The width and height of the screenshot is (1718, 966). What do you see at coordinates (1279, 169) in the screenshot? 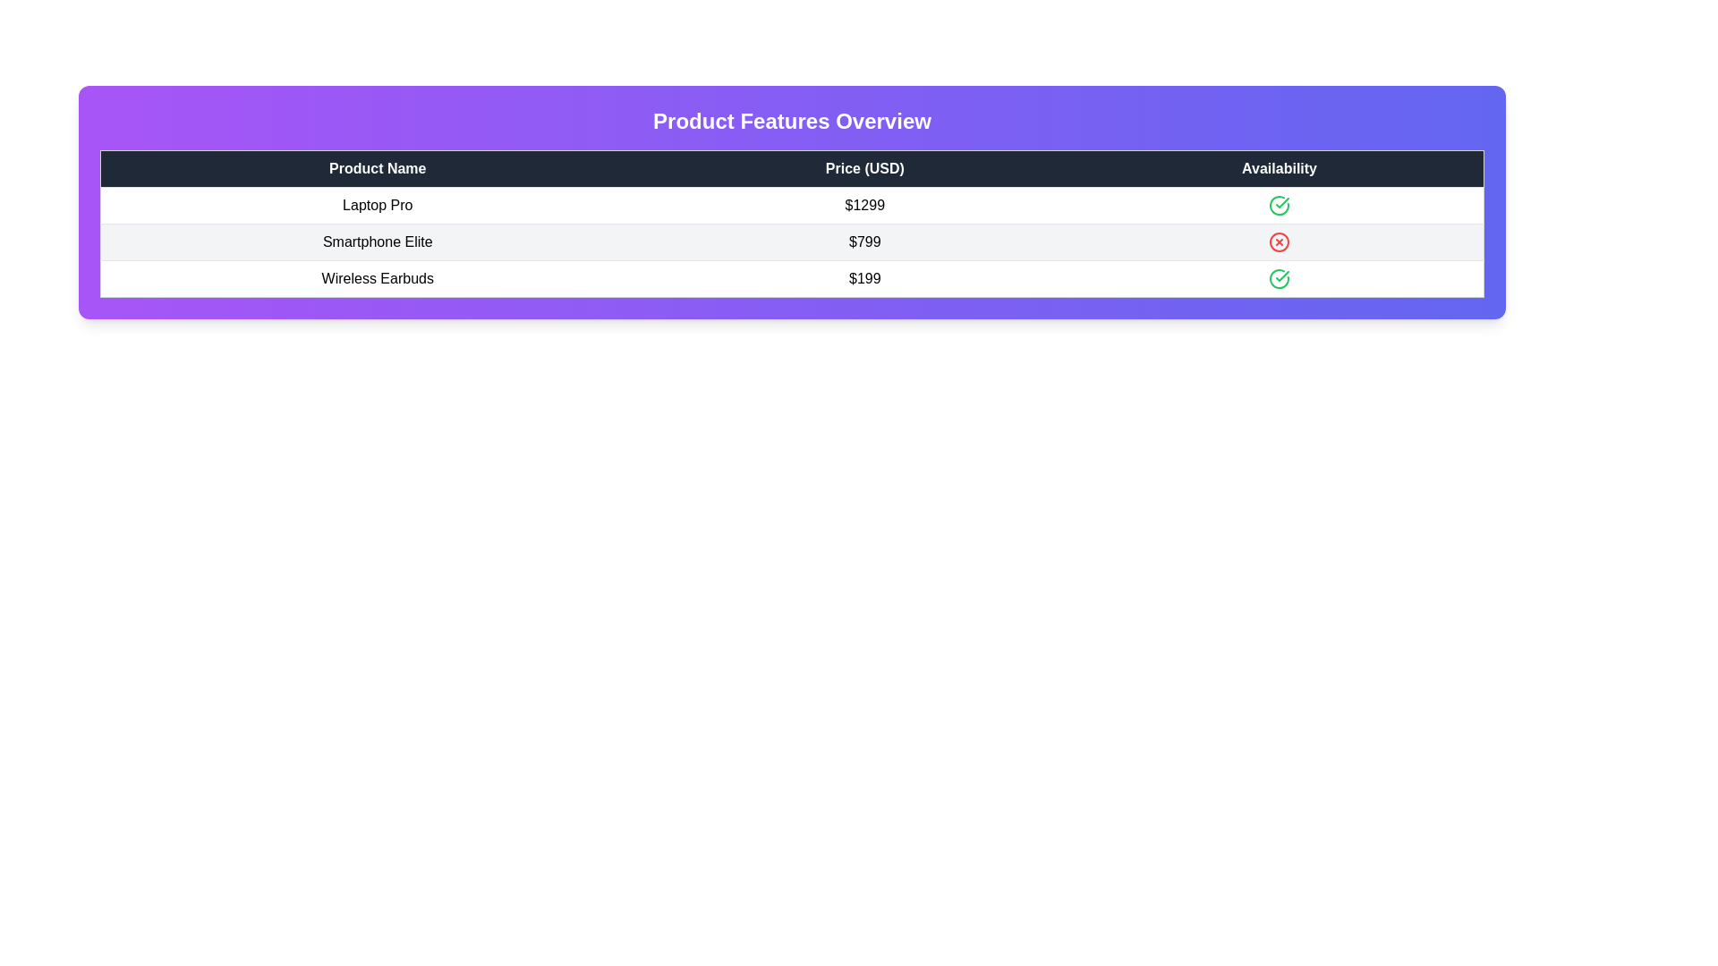
I see `the 'Availability' label located in the header row of the table, positioned in the third column` at bounding box center [1279, 169].